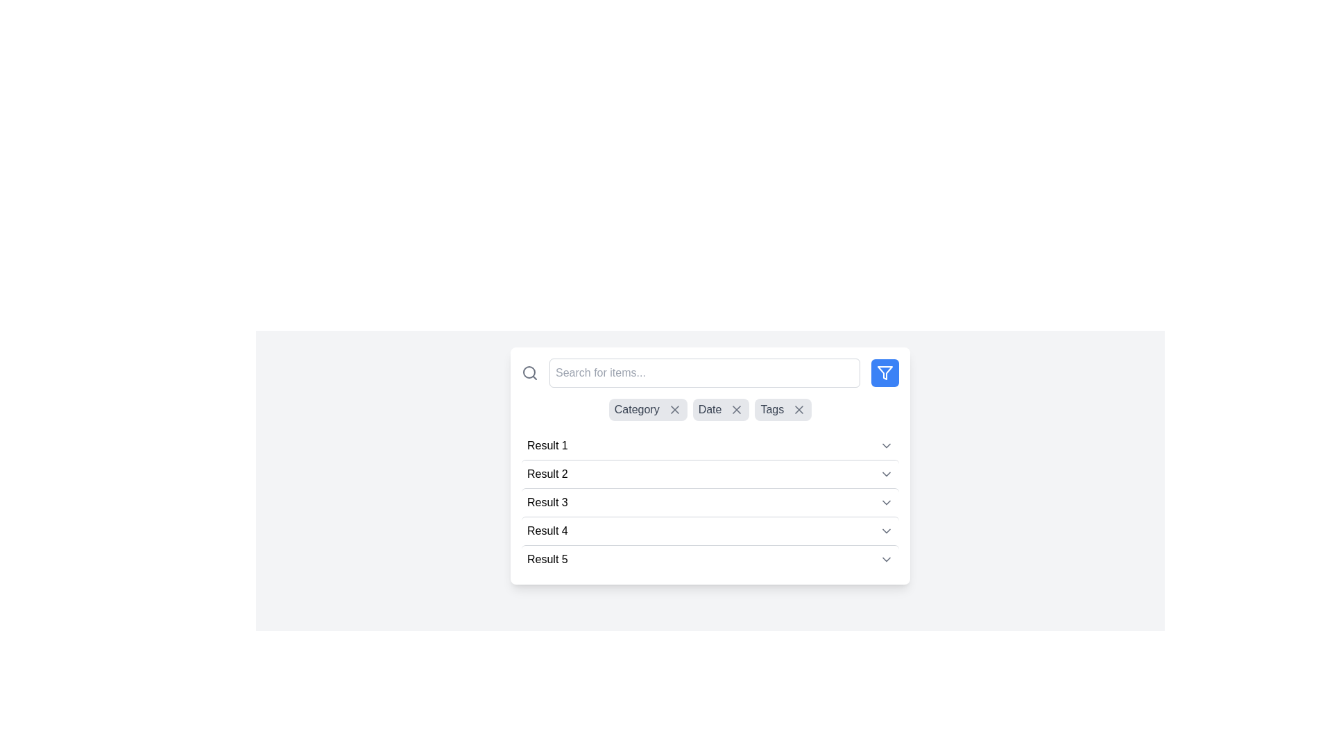 This screenshot has width=1332, height=749. What do you see at coordinates (799, 408) in the screenshot?
I see `the Close Symbol icon located` at bounding box center [799, 408].